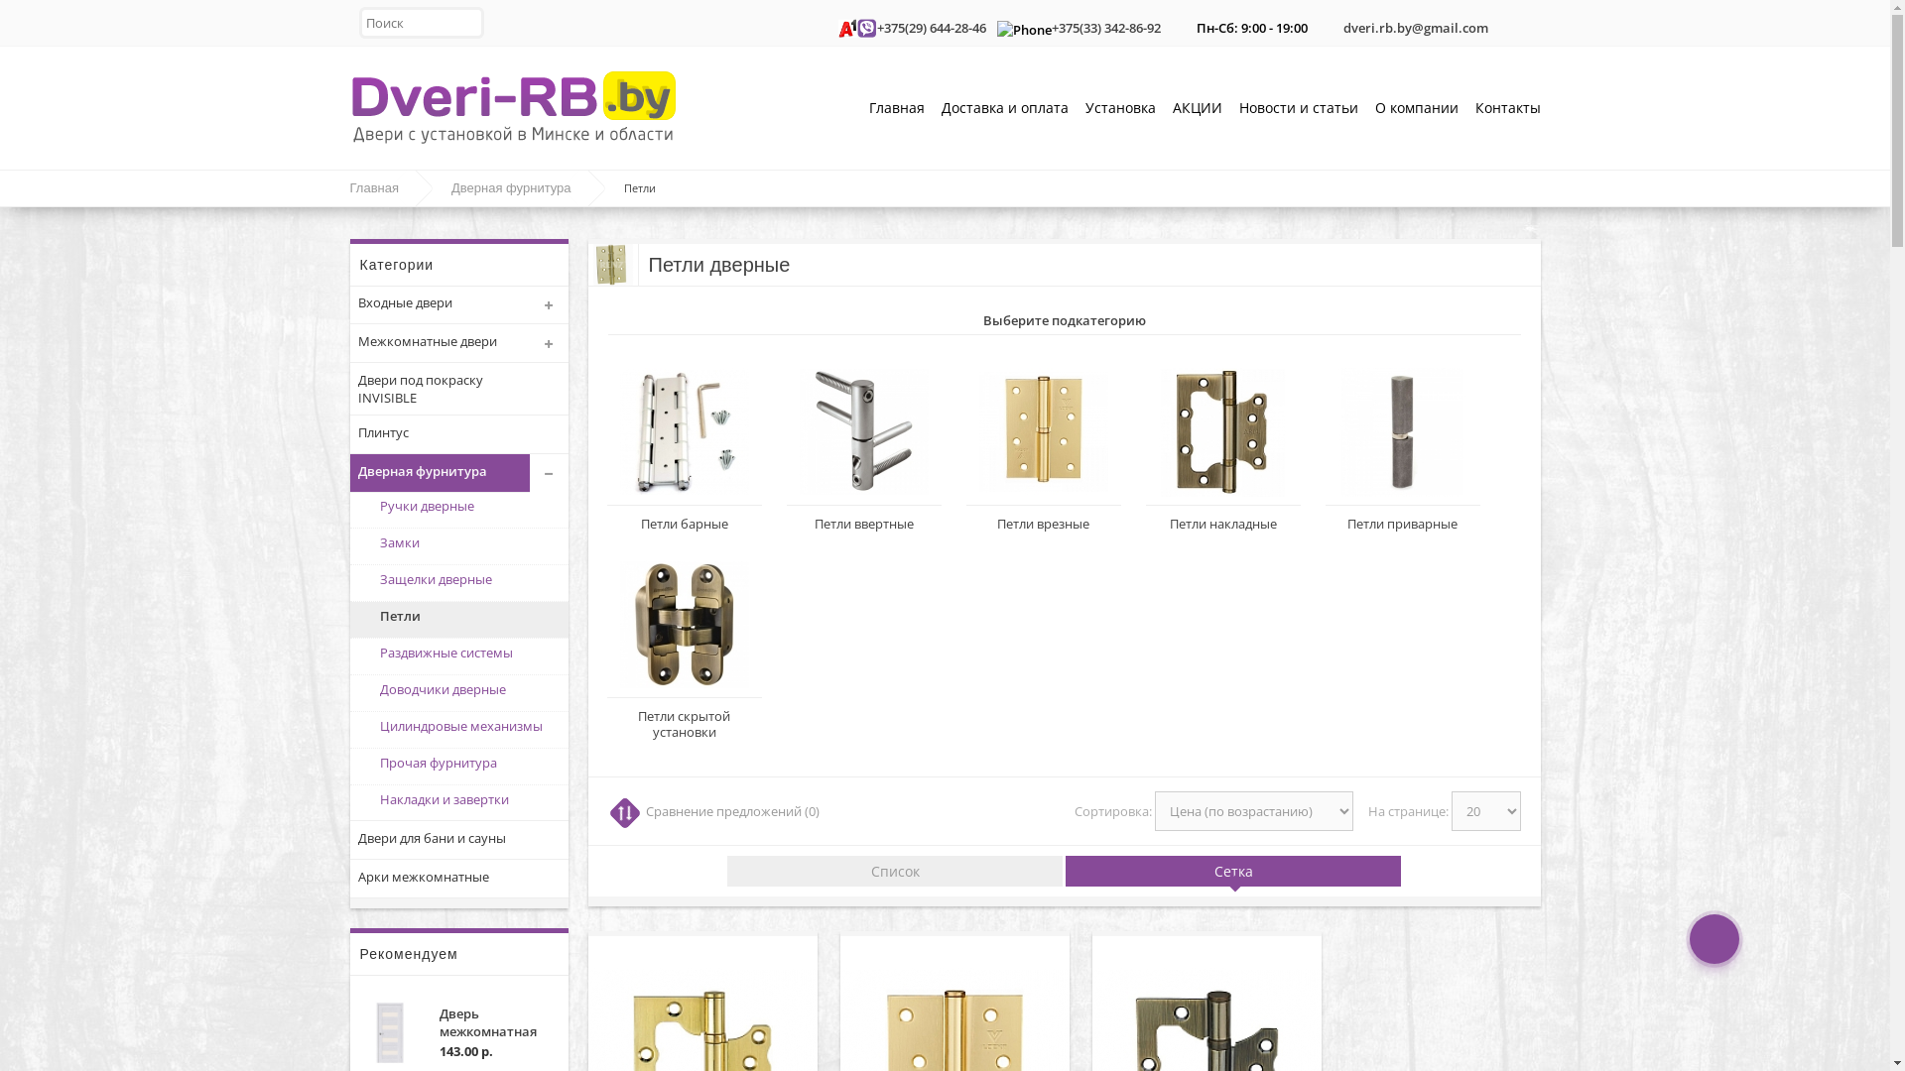  What do you see at coordinates (1414, 27) in the screenshot?
I see `'dveri.rb.by@gmail.com'` at bounding box center [1414, 27].